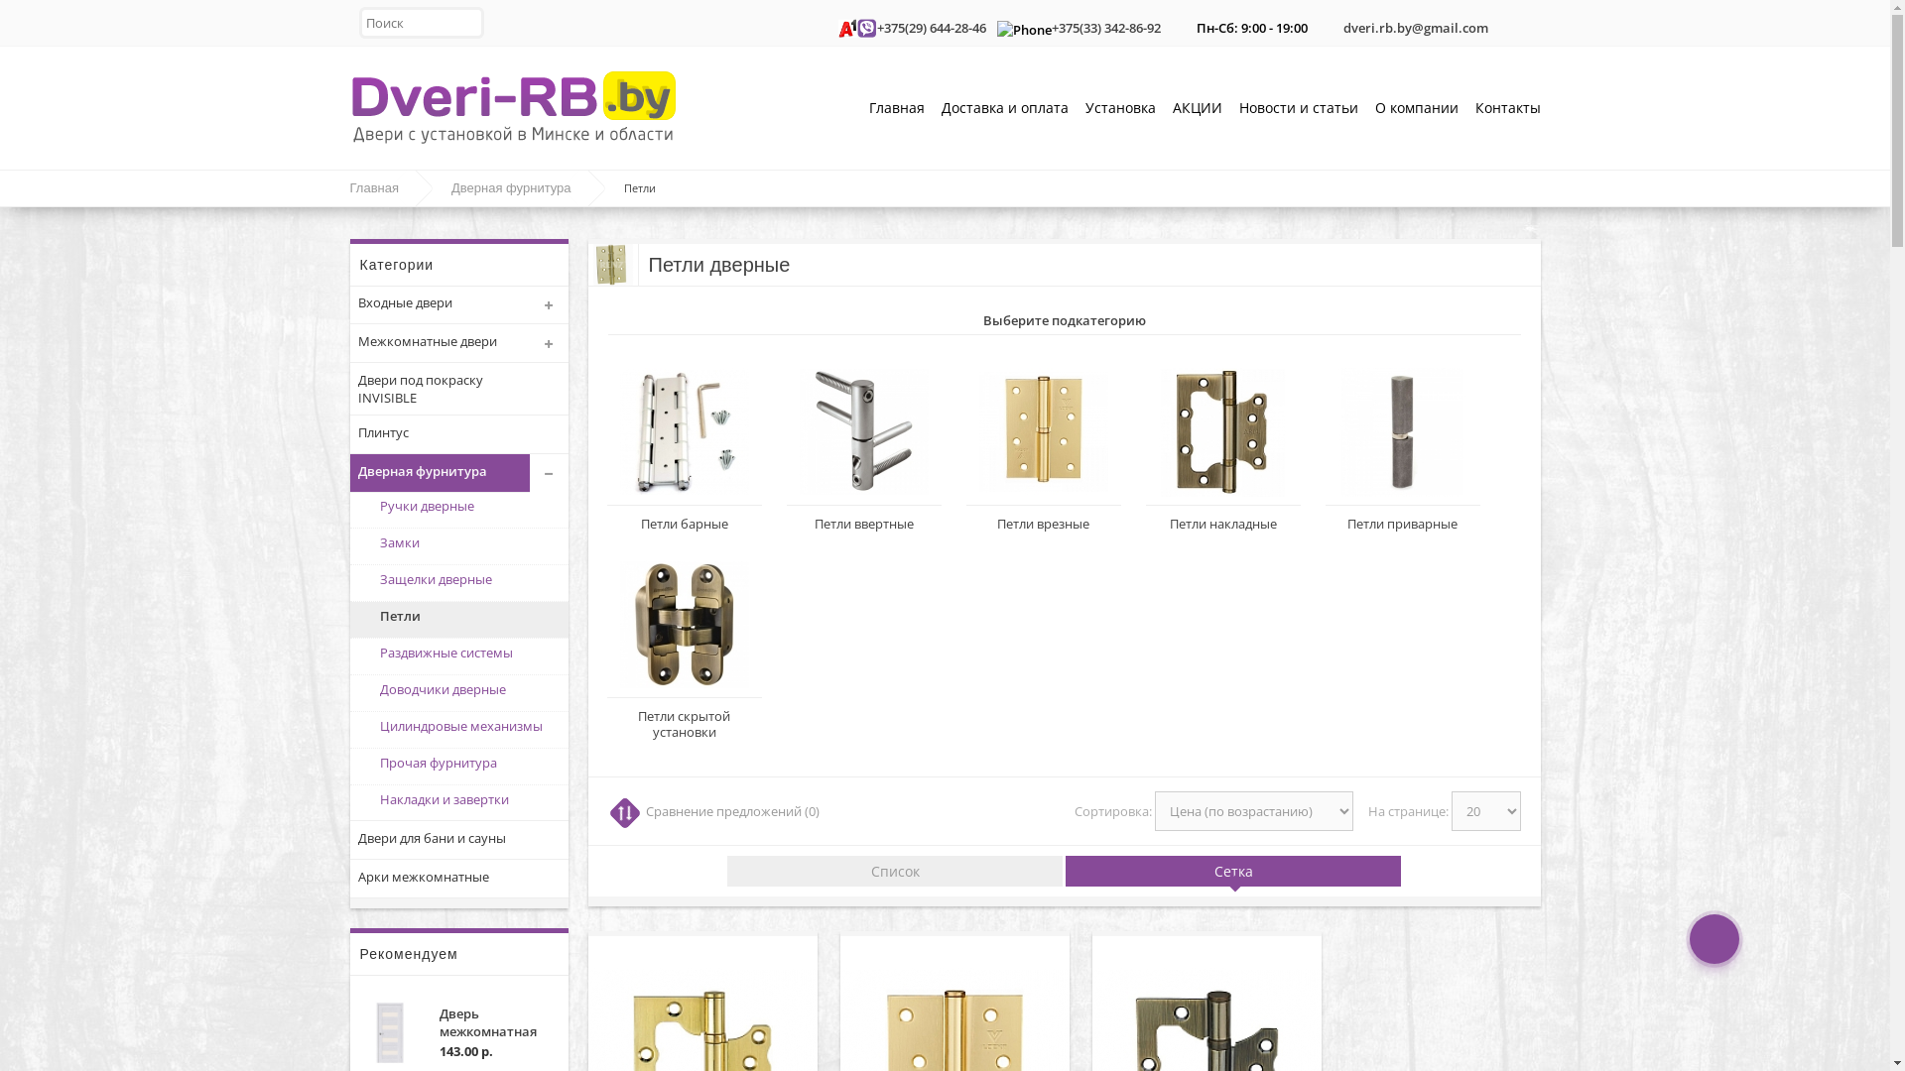  What do you see at coordinates (1414, 27) in the screenshot?
I see `'dveri.rb.by@gmail.com'` at bounding box center [1414, 27].